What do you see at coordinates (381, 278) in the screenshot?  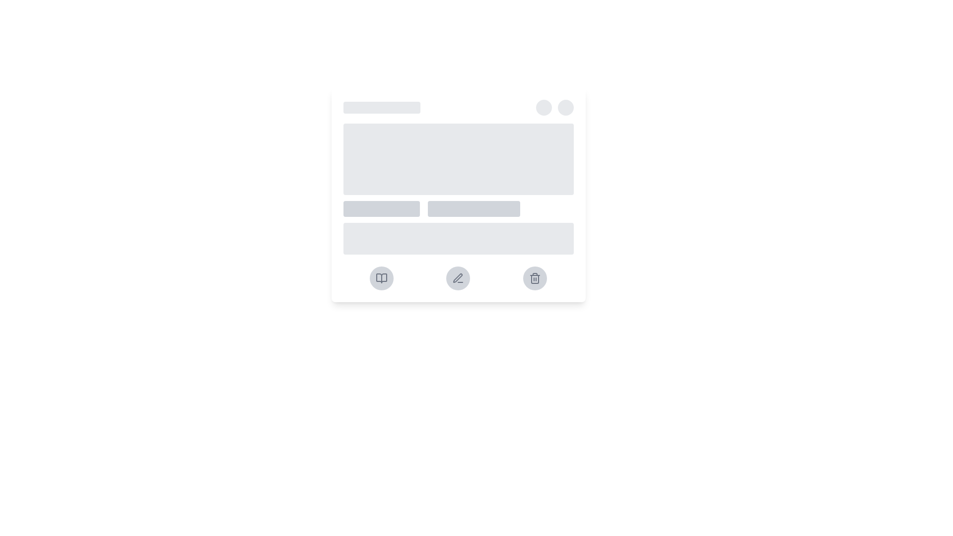 I see `the leftmost circular button representing a book icon located at the bottom center of the panel` at bounding box center [381, 278].